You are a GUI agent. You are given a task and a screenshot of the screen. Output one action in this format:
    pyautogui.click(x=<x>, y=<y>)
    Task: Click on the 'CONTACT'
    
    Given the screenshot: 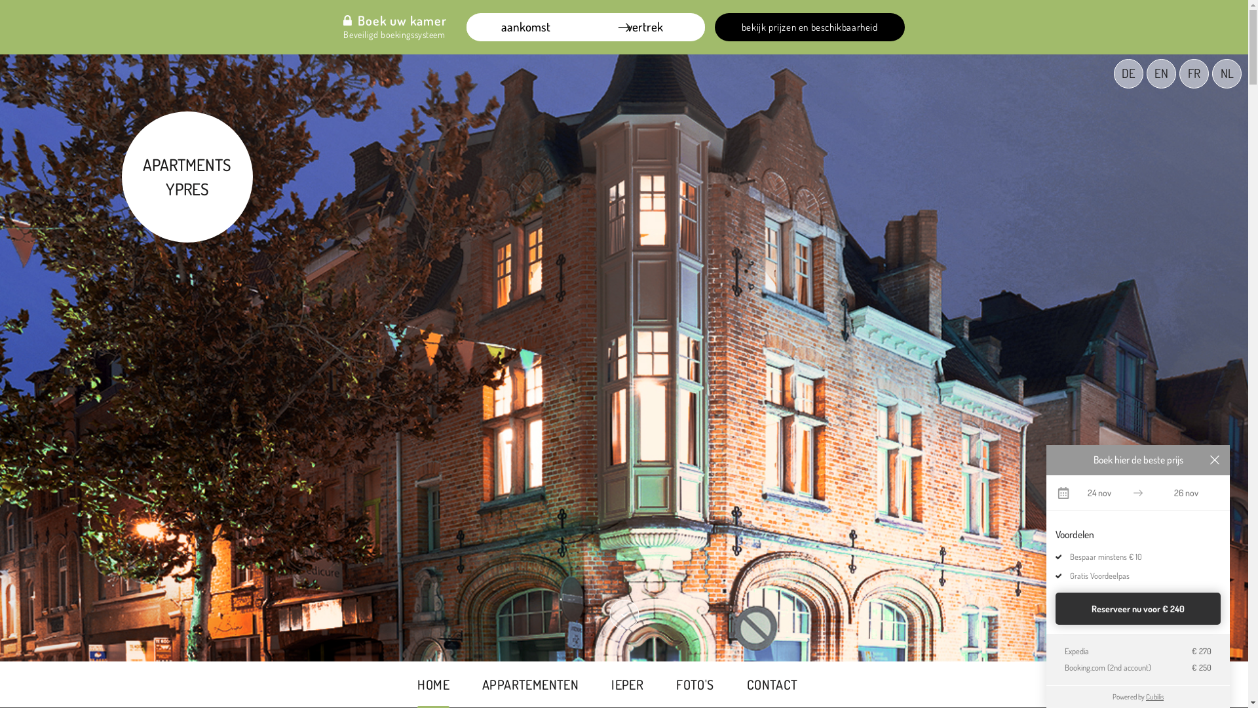 What is the action you would take?
    pyautogui.click(x=747, y=684)
    